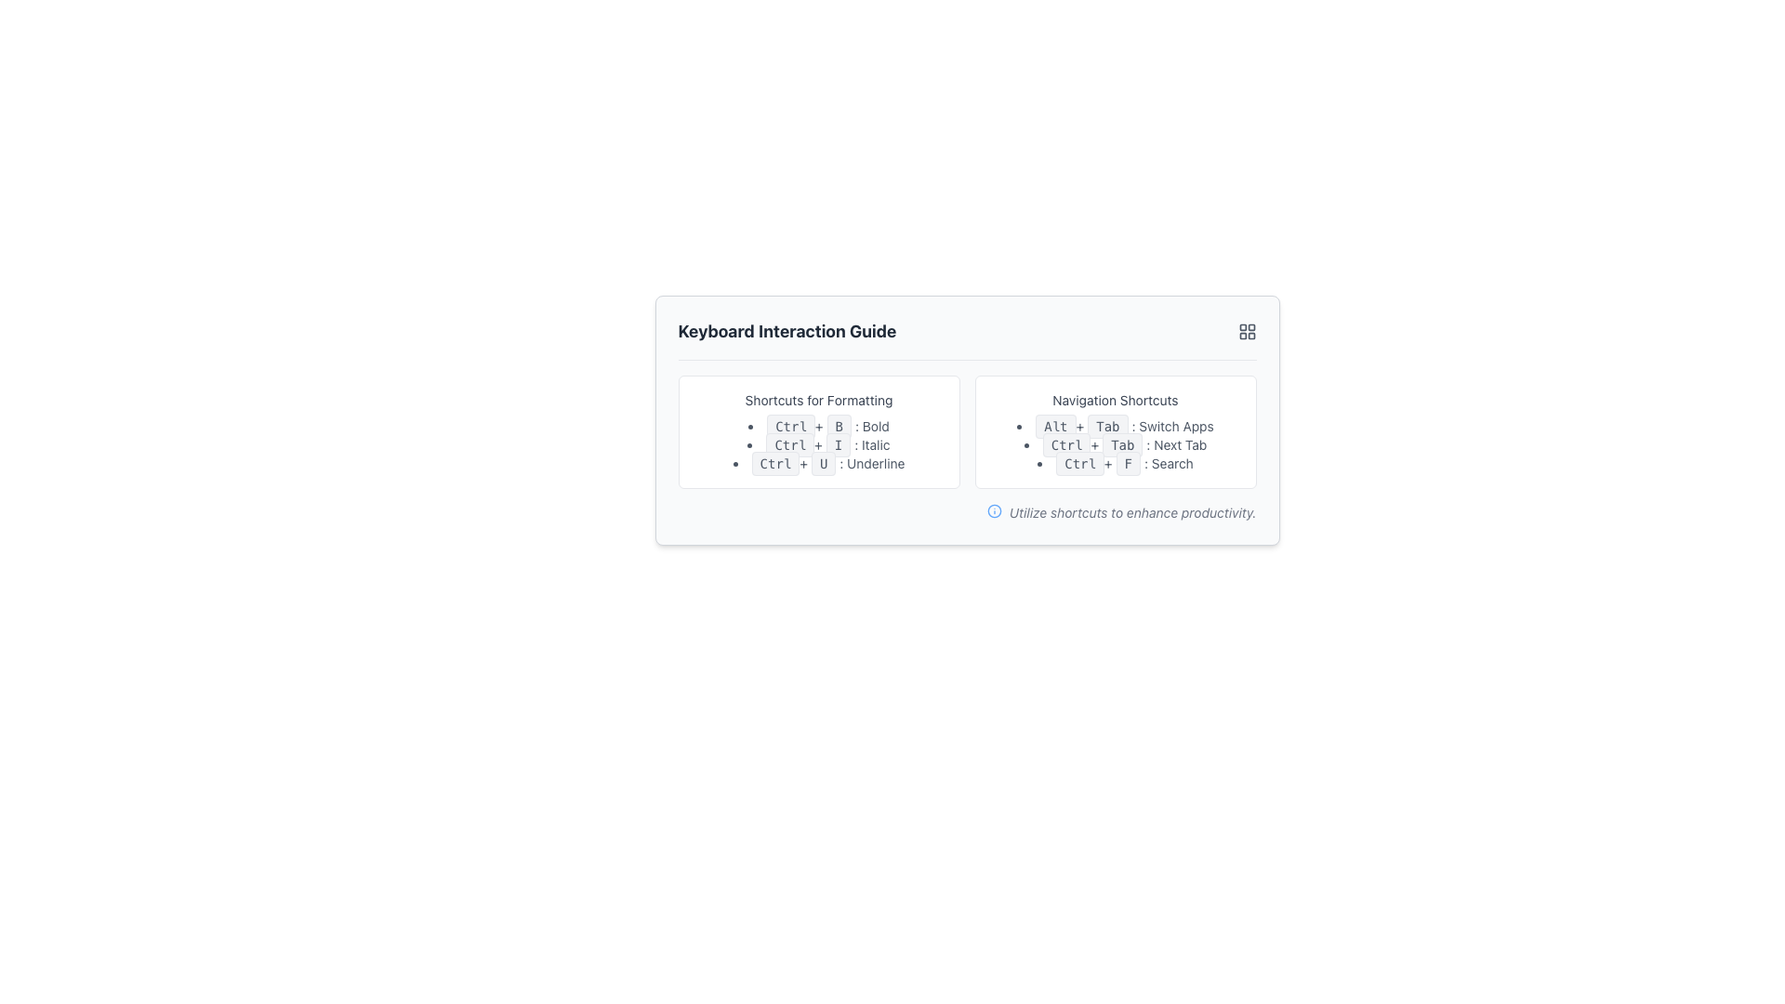 Image resolution: width=1785 pixels, height=1004 pixels. Describe the element at coordinates (1107, 427) in the screenshot. I see `the button-like label with the text 'Tab' in the 'Navigation Shortcuts' section of the 'Keyboard Interaction Guide'` at that location.